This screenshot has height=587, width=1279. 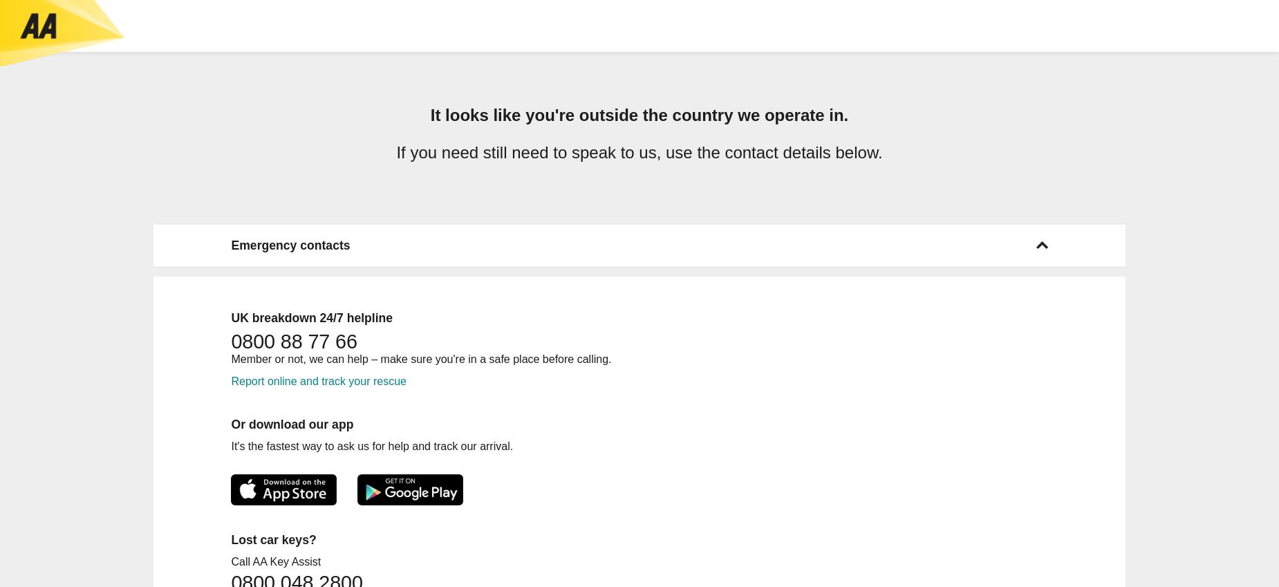 What do you see at coordinates (292, 340) in the screenshot?
I see `'0800 88 77 66'` at bounding box center [292, 340].